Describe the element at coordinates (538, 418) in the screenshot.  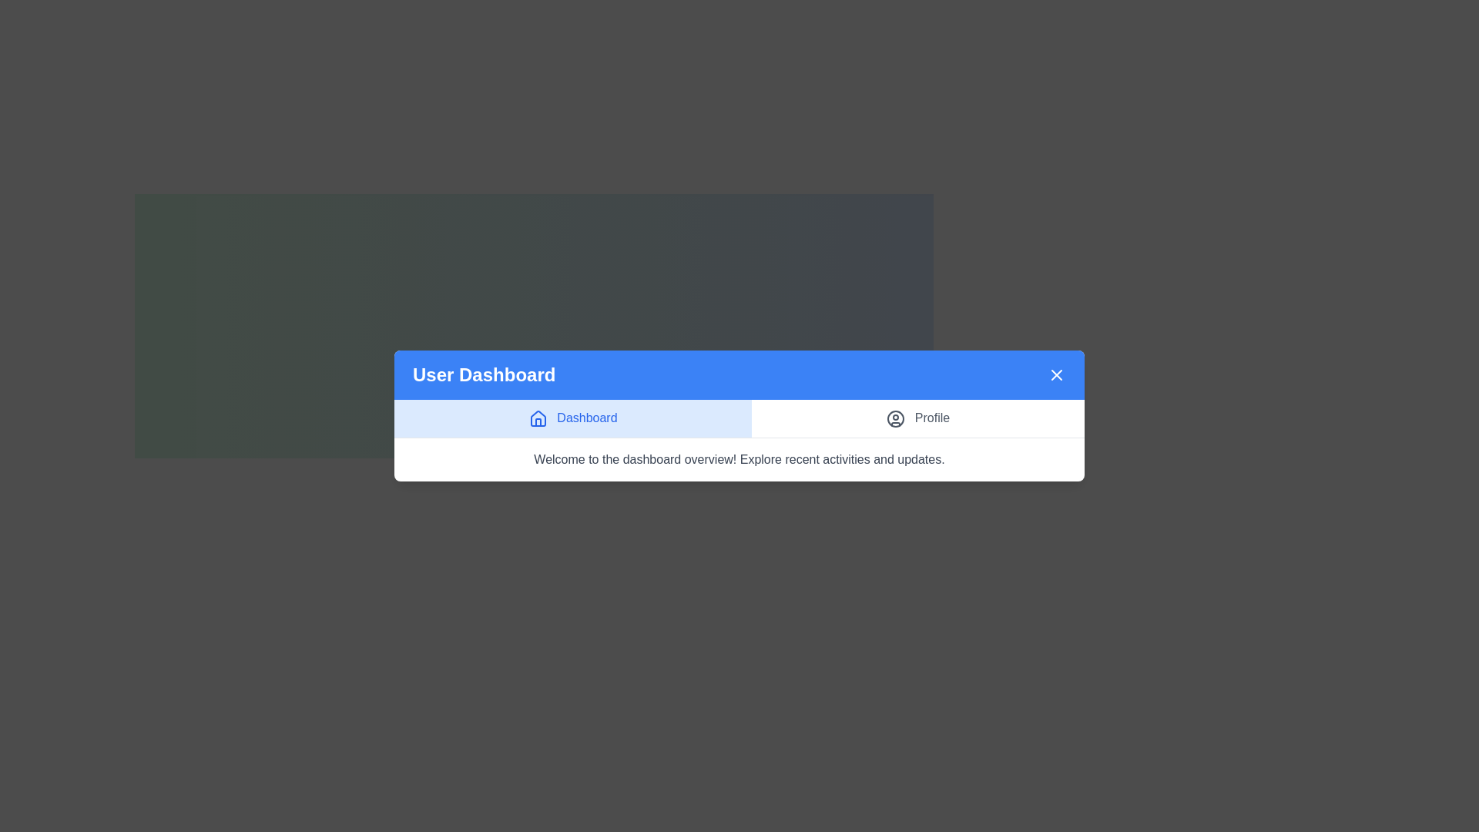
I see `the icon representing the 'Dashboard' section, which is located to the left of the text 'Dashboard' in the header of the 'User Dashboard' modal pop-up window` at that location.